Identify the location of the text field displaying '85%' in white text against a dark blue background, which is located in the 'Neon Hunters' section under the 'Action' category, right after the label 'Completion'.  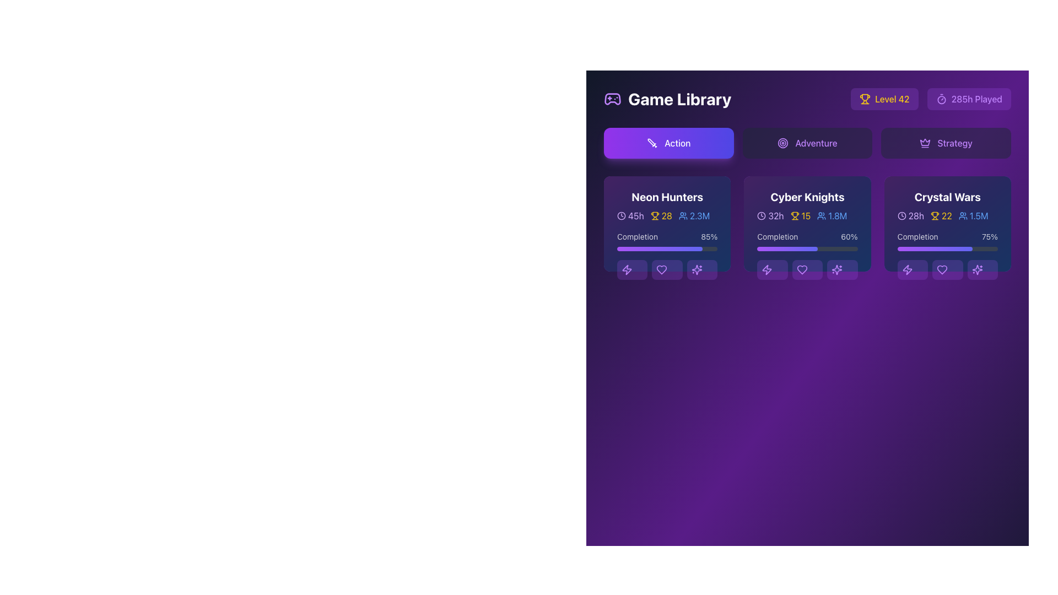
(709, 236).